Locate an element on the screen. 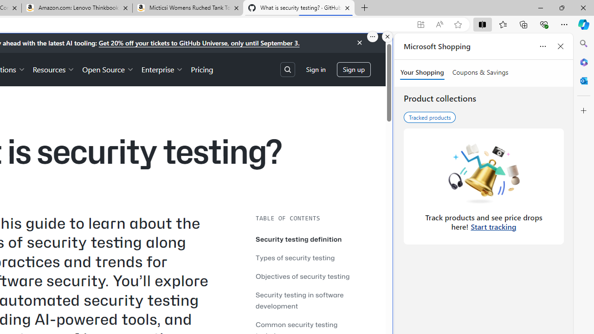 The image size is (594, 334). 'Enterprise' is located at coordinates (162, 69).